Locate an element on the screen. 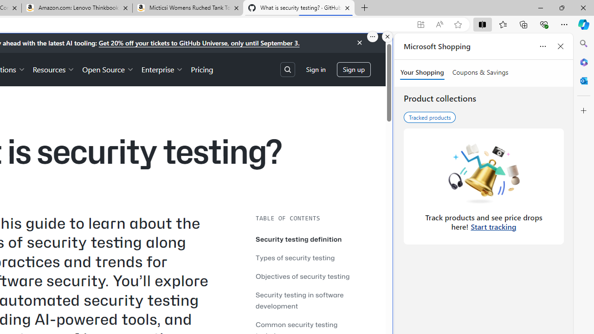 The image size is (594, 334). 'Enterprise' is located at coordinates (162, 69).